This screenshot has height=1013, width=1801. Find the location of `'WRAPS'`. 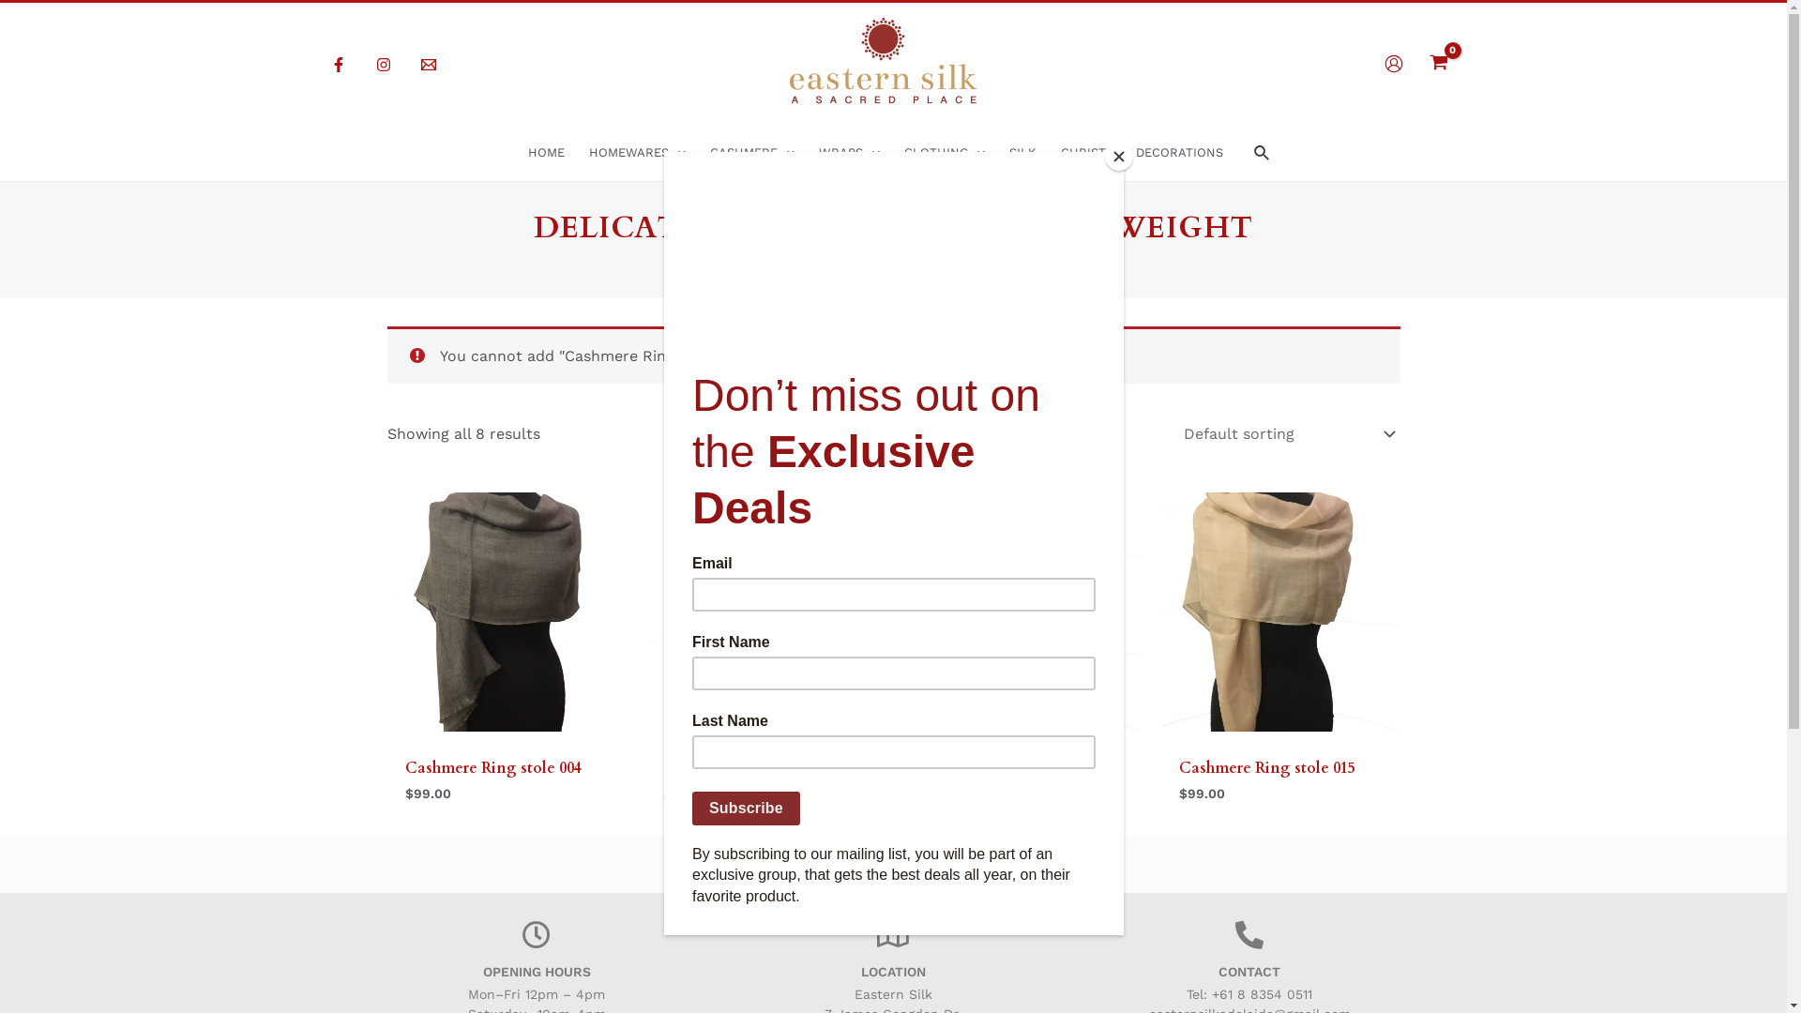

'WRAPS' is located at coordinates (848, 151).